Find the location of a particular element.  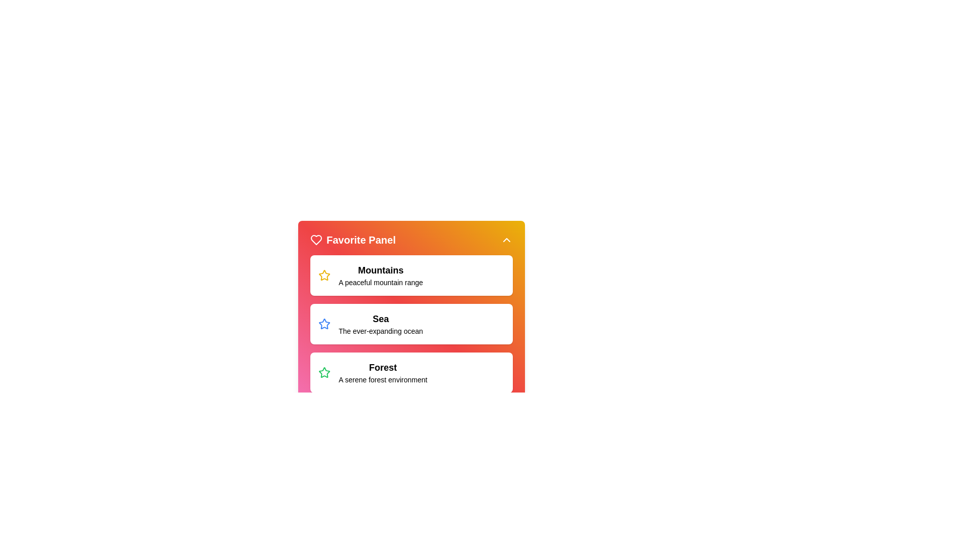

the first star icon located to the left of the 'Mountains' text label to interact with the rating or favorite indicator is located at coordinates (325, 275).